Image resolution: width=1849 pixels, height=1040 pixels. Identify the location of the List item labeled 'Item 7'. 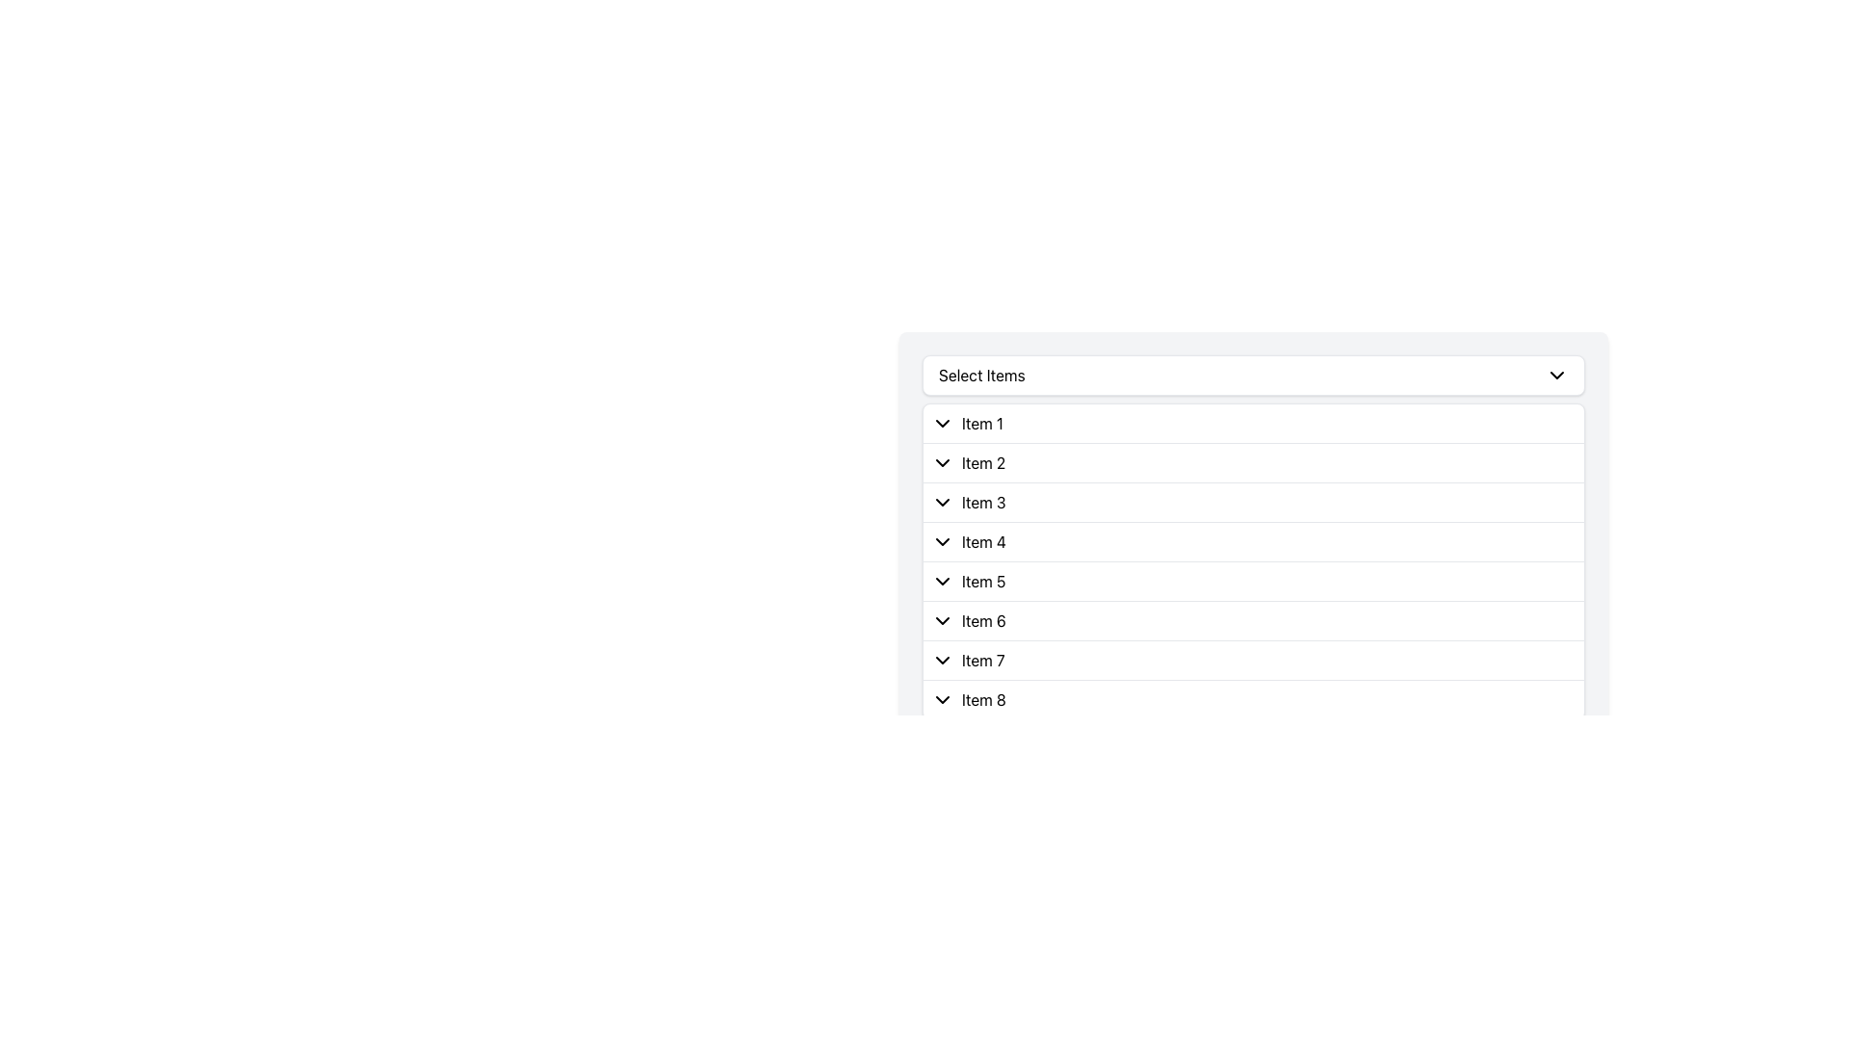
(1253, 659).